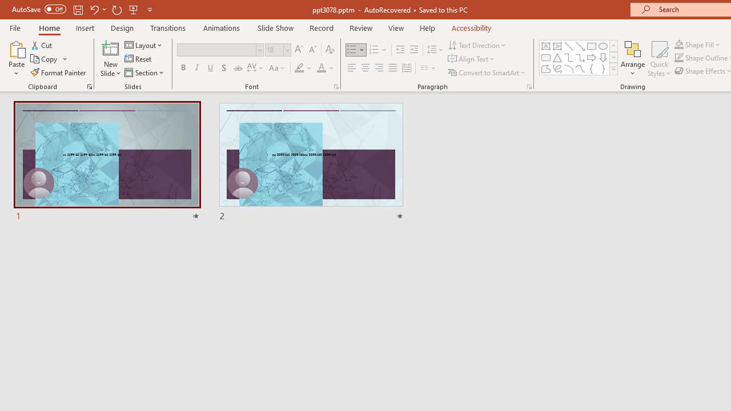 This screenshot has height=411, width=731. Describe the element at coordinates (393, 68) in the screenshot. I see `'Justify'` at that location.